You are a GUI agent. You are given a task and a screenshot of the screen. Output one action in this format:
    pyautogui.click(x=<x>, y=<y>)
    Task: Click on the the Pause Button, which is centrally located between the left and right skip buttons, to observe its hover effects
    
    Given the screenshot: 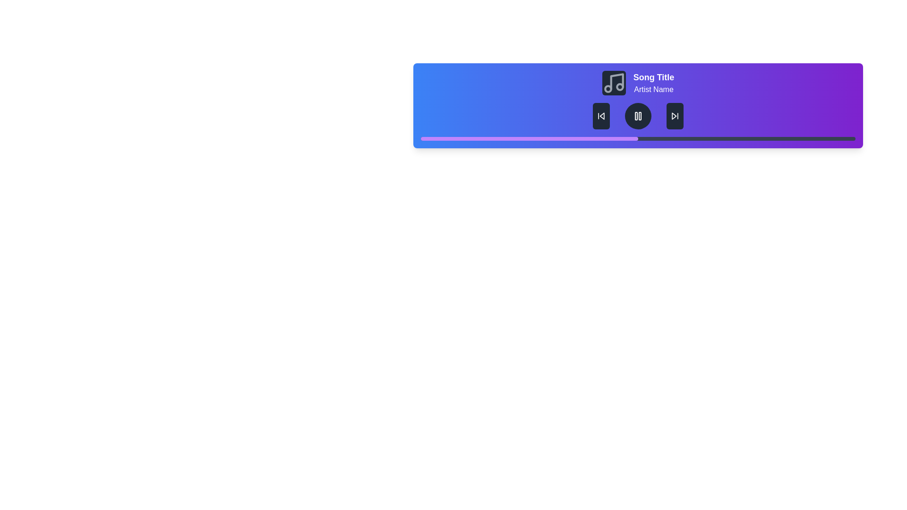 What is the action you would take?
    pyautogui.click(x=638, y=116)
    